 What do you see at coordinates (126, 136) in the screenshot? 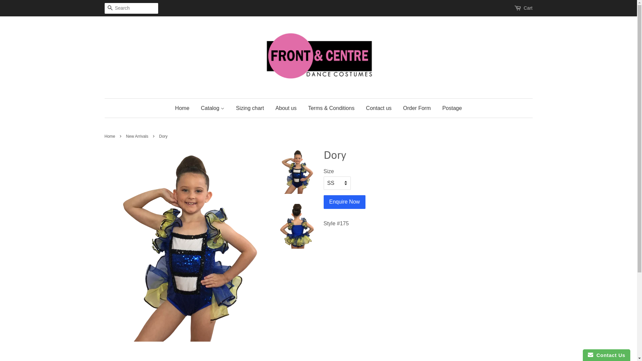
I see `'New Arrivals'` at bounding box center [126, 136].